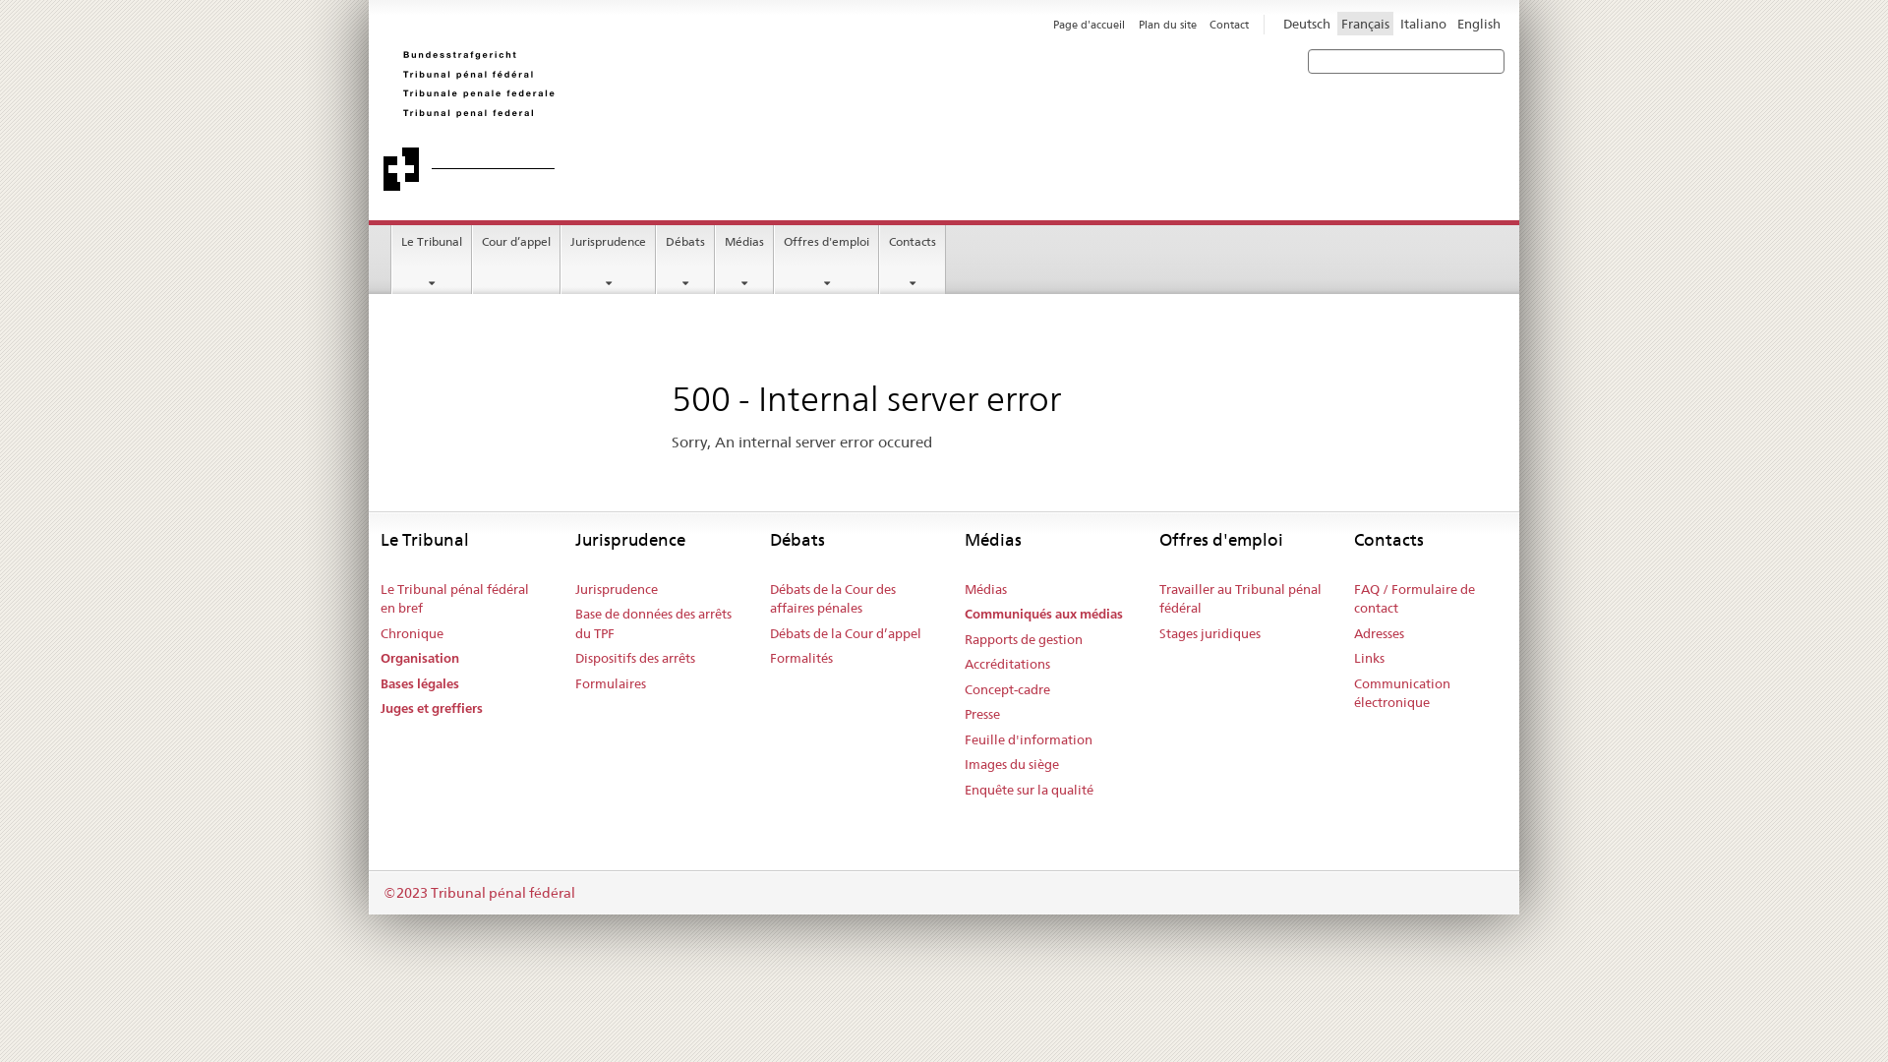  What do you see at coordinates (1007, 689) in the screenshot?
I see `'Concept-cadre'` at bounding box center [1007, 689].